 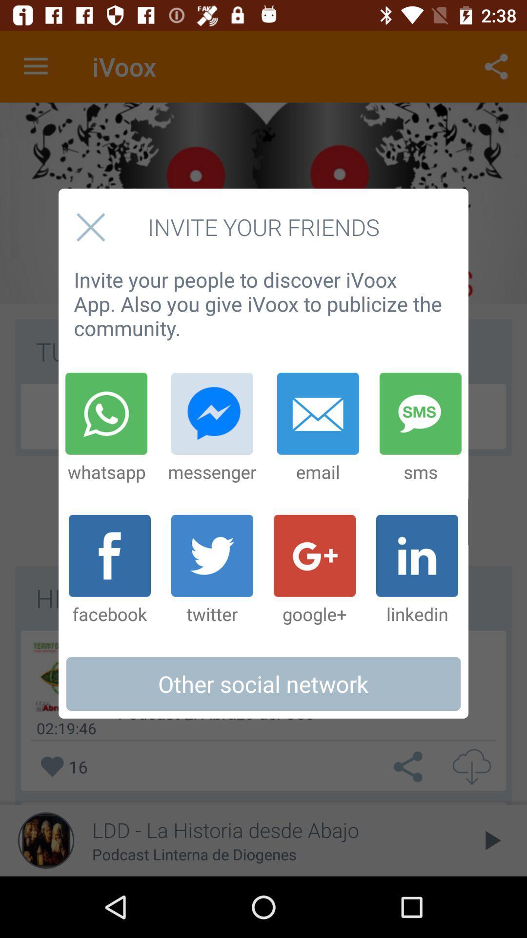 I want to click on the twitter, so click(x=212, y=570).